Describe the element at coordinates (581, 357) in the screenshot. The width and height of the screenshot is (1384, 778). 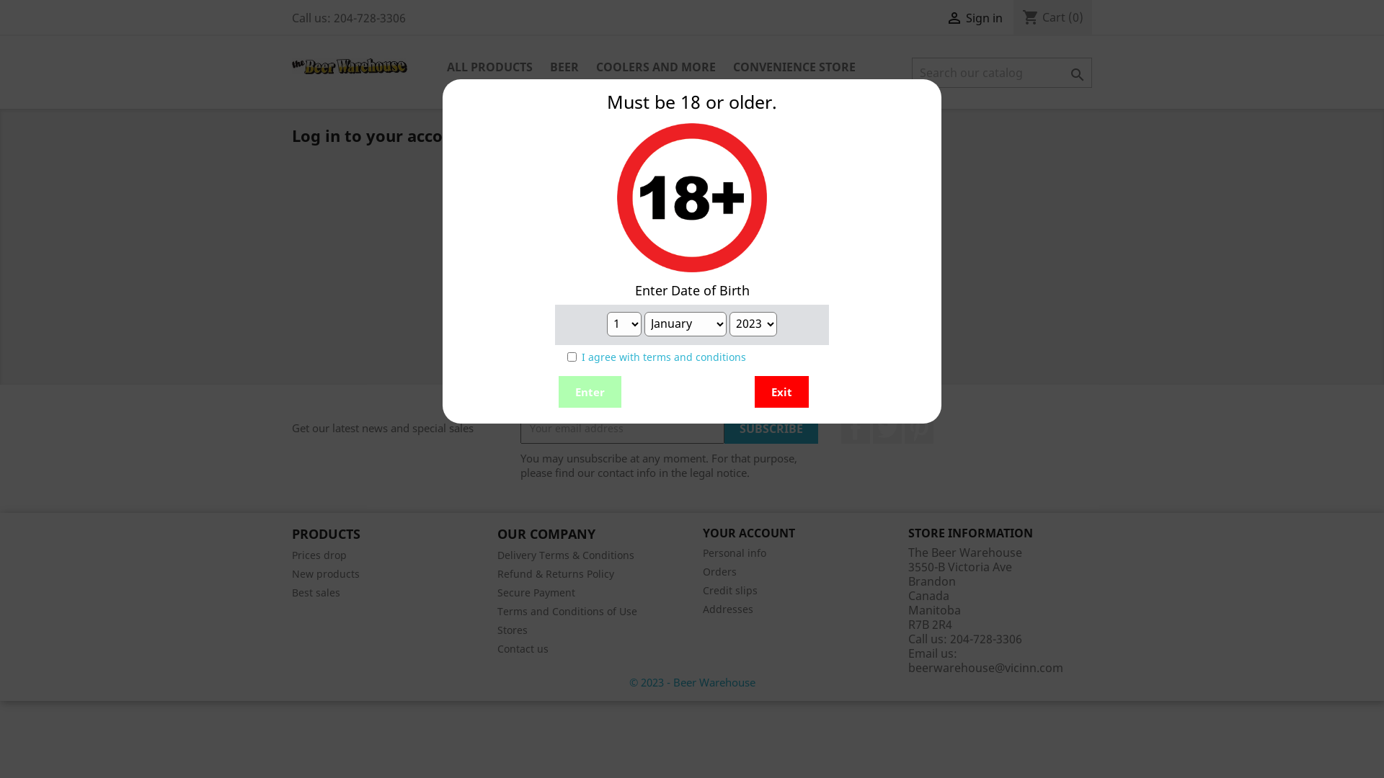
I see `'I agree with terms and conditions'` at that location.